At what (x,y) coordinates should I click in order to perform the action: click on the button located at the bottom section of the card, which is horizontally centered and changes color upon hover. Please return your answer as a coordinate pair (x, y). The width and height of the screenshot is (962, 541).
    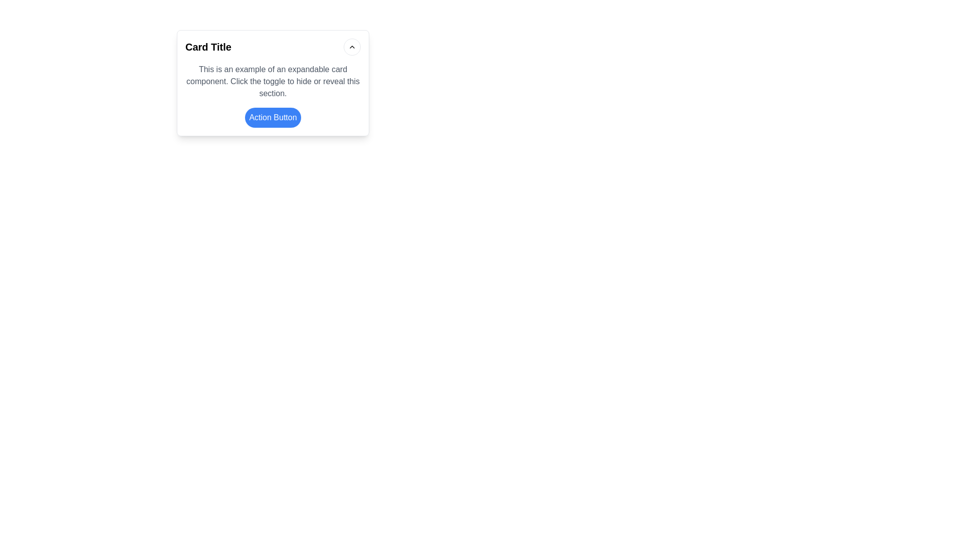
    Looking at the image, I should click on (273, 117).